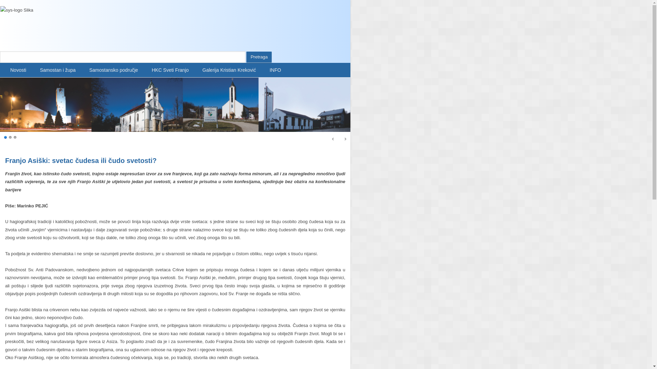  Describe the element at coordinates (18, 70) in the screenshot. I see `'Novosti'` at that location.